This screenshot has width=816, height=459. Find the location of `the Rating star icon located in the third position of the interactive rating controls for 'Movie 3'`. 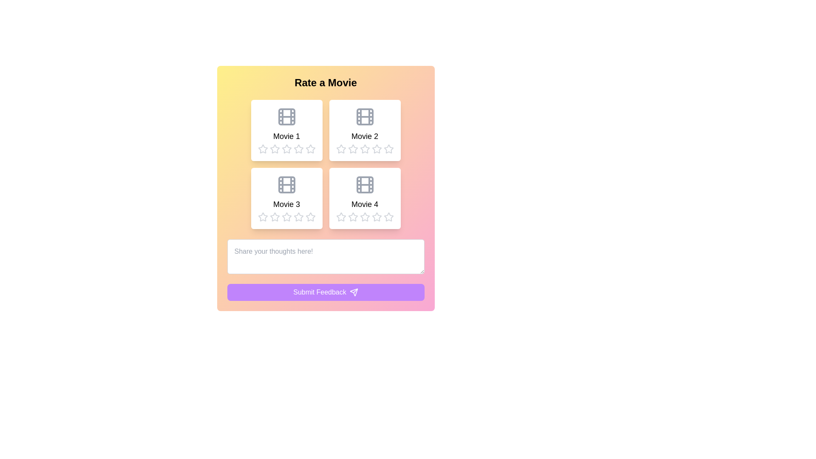

the Rating star icon located in the third position of the interactive rating controls for 'Movie 3' is located at coordinates (275, 216).